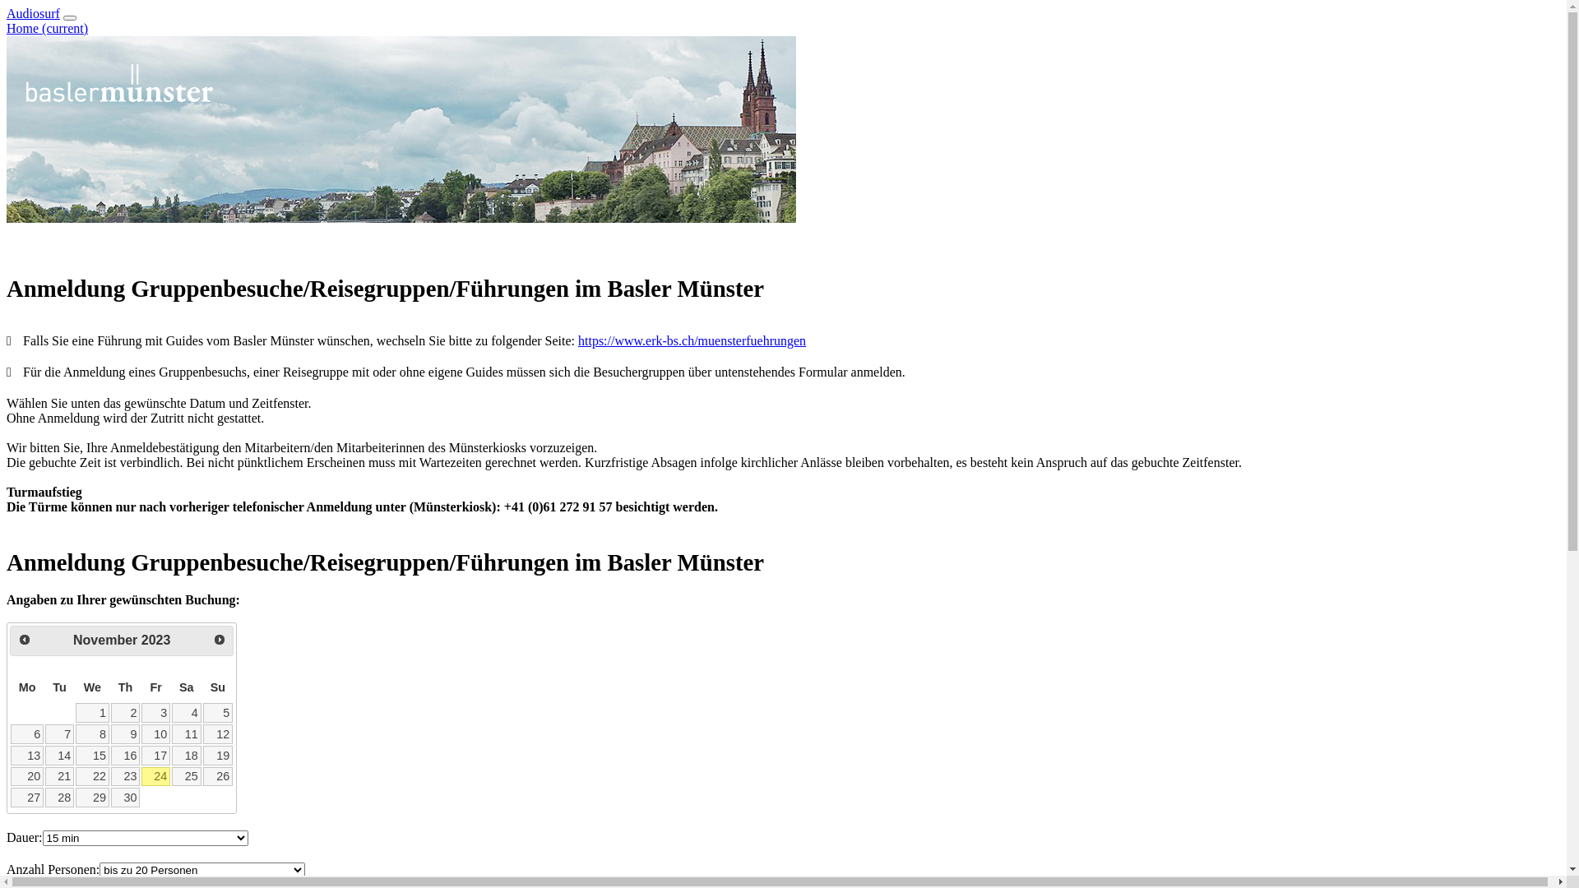 Image resolution: width=1579 pixels, height=888 pixels. I want to click on '2', so click(124, 712).